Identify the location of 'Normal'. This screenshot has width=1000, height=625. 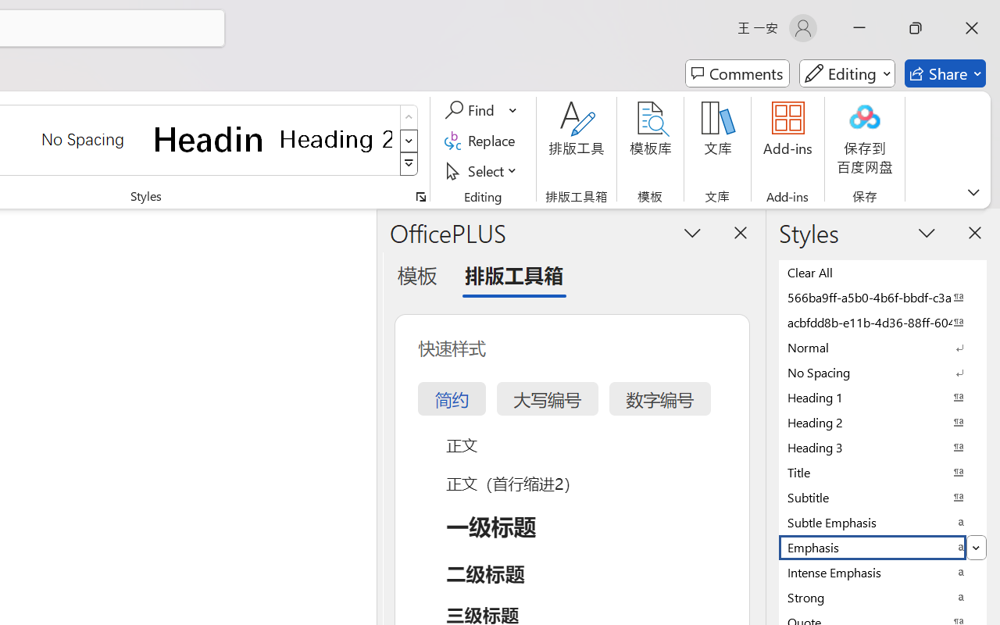
(883, 346).